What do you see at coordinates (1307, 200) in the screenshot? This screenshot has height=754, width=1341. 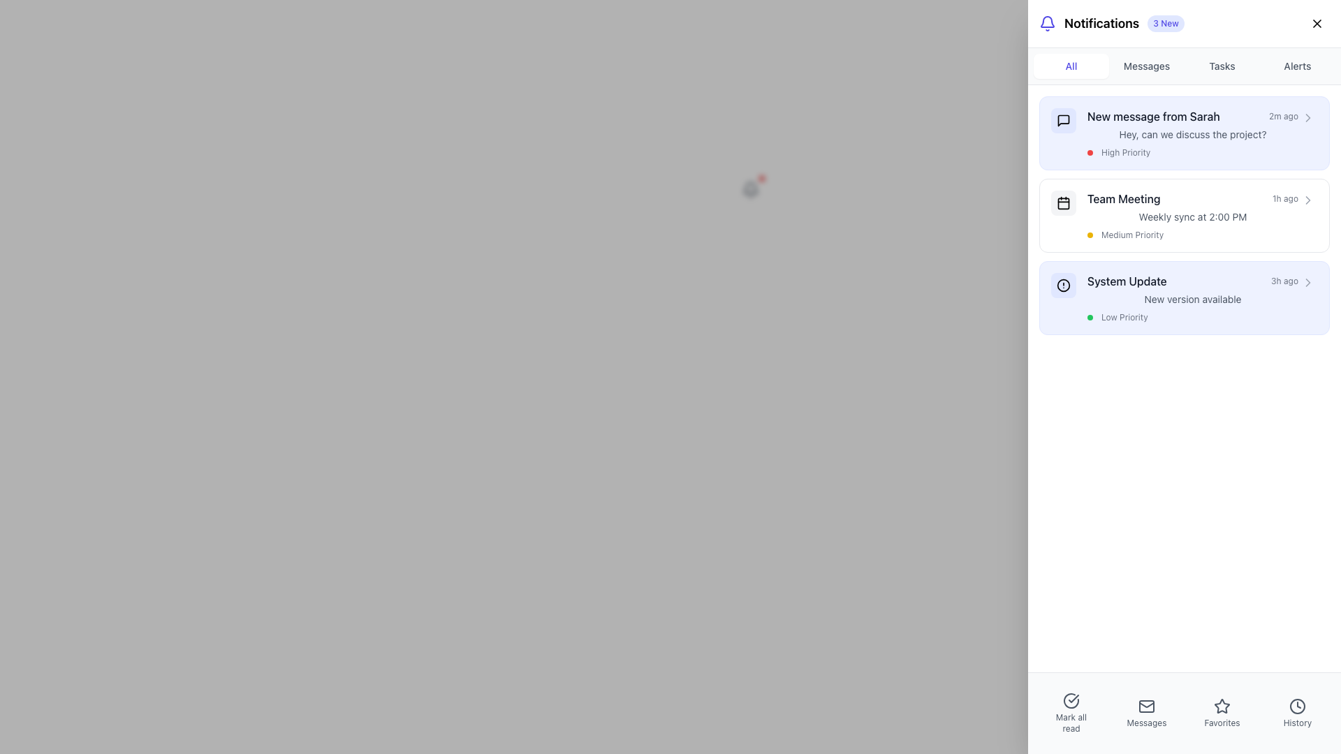 I see `the chevron icon located at the center-right corner of the 'Team Meeting' notification in the Notifications panel` at bounding box center [1307, 200].